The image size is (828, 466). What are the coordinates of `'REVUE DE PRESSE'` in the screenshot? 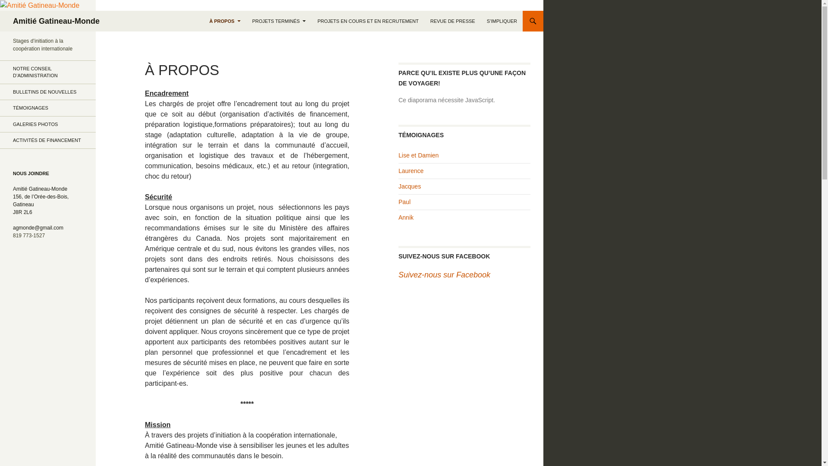 It's located at (452, 21).